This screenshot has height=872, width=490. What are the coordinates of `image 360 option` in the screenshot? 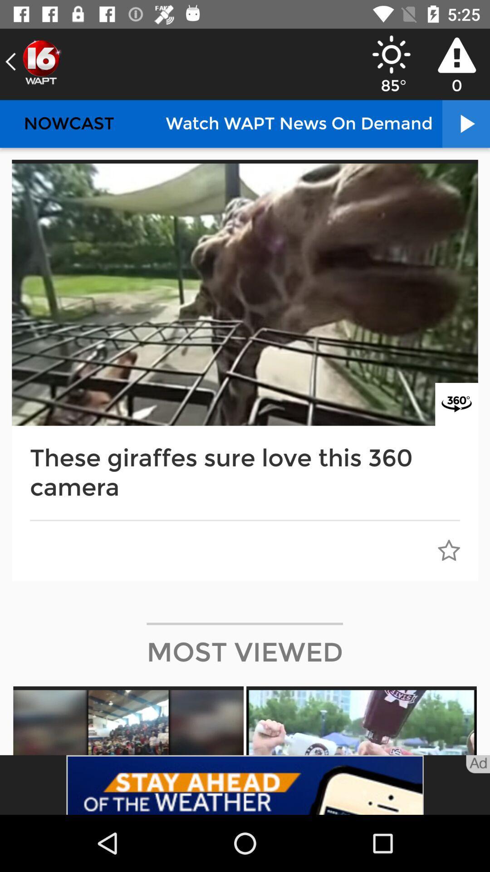 It's located at (456, 404).